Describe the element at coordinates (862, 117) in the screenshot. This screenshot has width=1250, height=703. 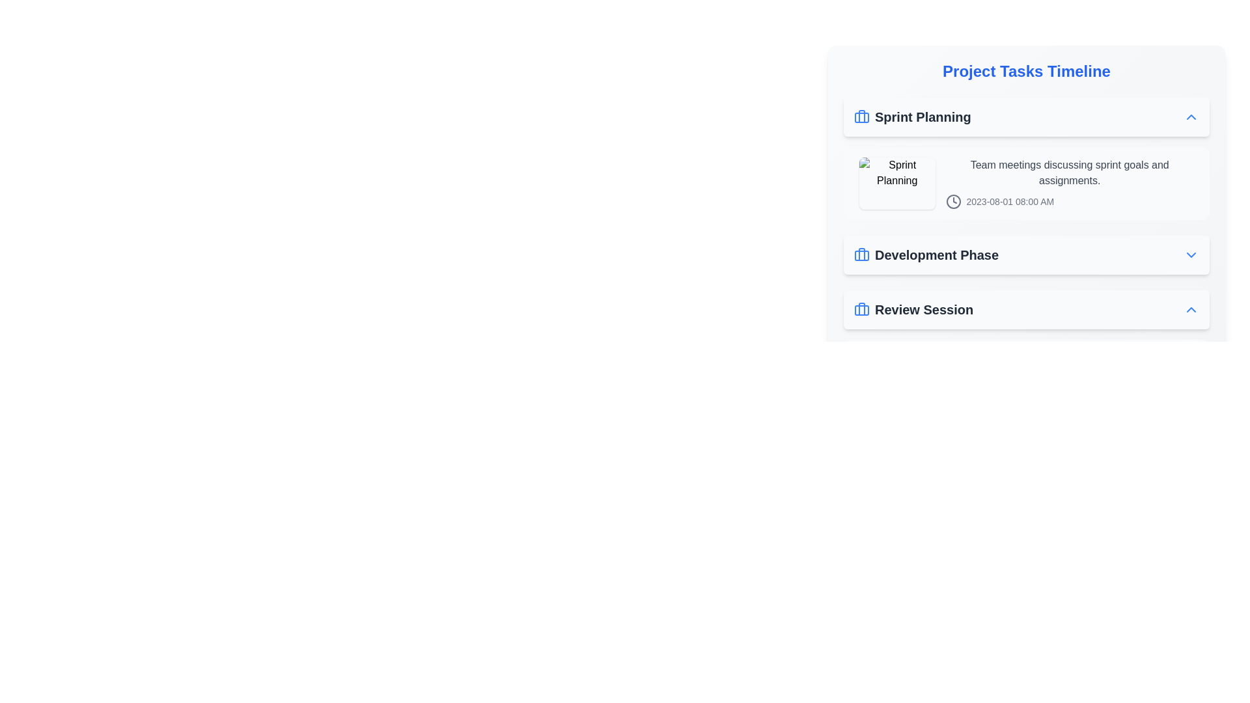
I see `the icon representing the 'Sprint Planning' section, located at the leftmost side before the text 'Sprint Planning'` at that location.